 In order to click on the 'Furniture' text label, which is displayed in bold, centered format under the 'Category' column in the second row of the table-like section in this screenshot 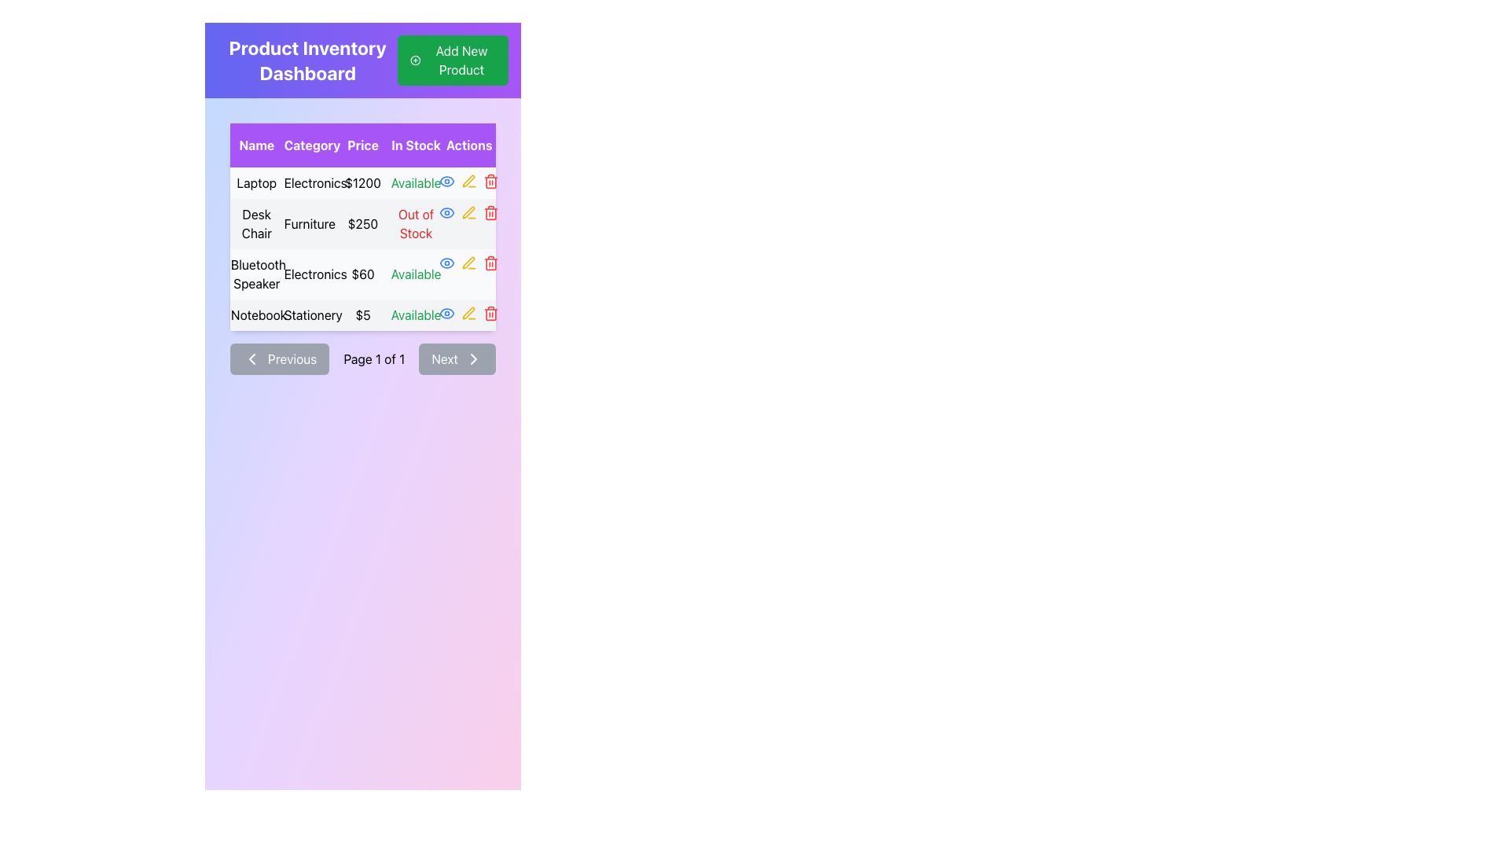, I will do `click(310, 224)`.